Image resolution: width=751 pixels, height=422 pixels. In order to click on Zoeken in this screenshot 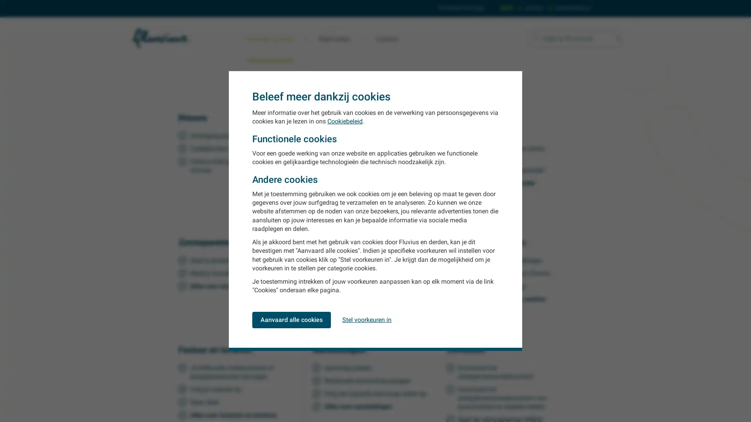, I will do `click(535, 38)`.